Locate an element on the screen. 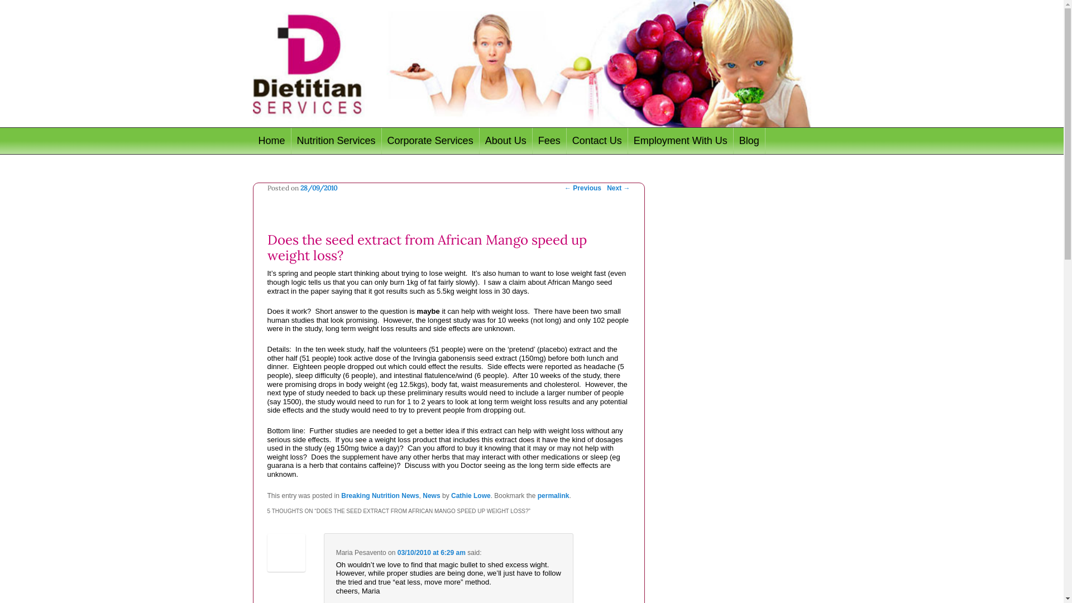 Image resolution: width=1072 pixels, height=603 pixels. 'Employment With Us' is located at coordinates (628, 140).